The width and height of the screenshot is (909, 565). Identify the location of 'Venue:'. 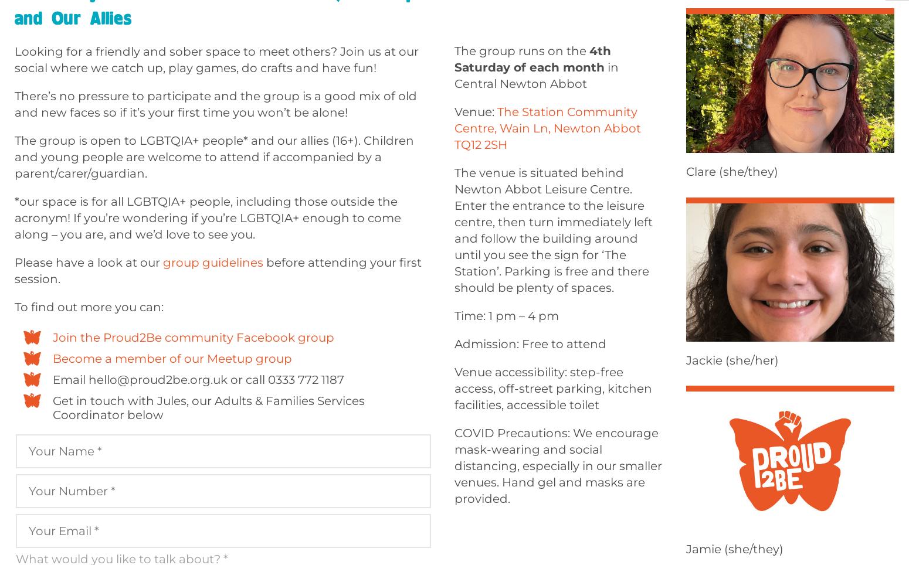
(475, 111).